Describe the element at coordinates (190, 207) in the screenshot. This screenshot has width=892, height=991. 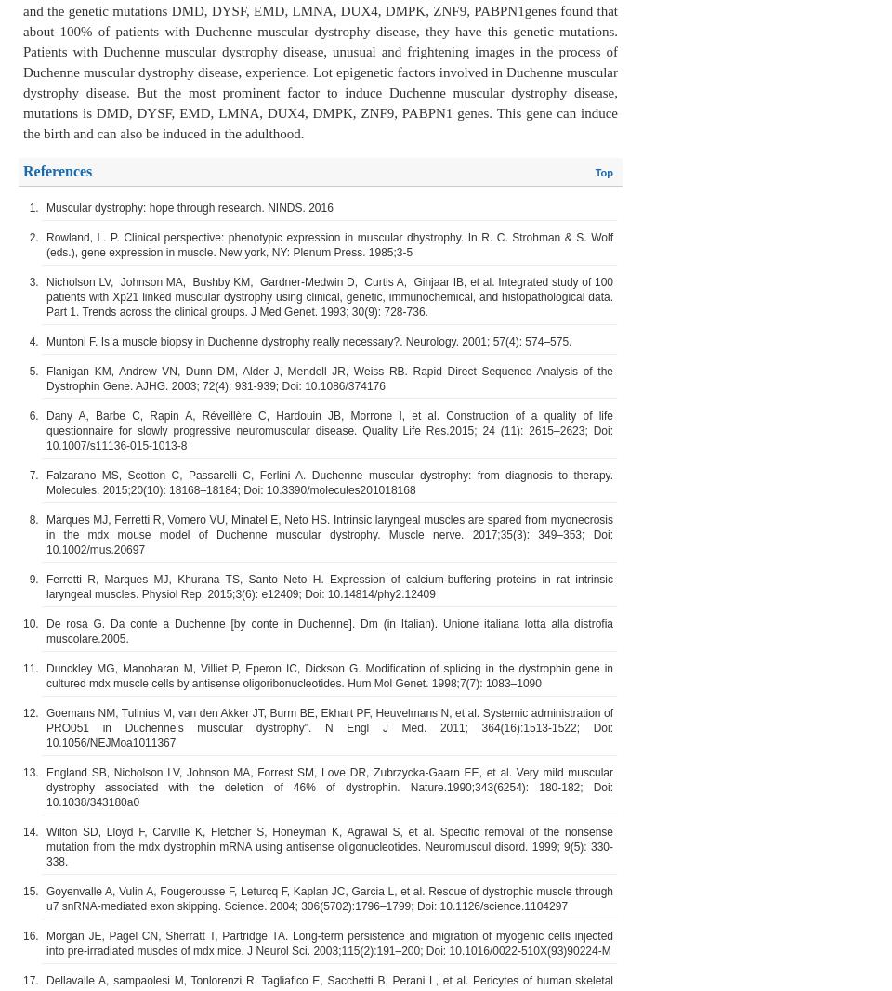
I see `'Muscular  dystrophy: hope through research. NINDS. 2016'` at that location.